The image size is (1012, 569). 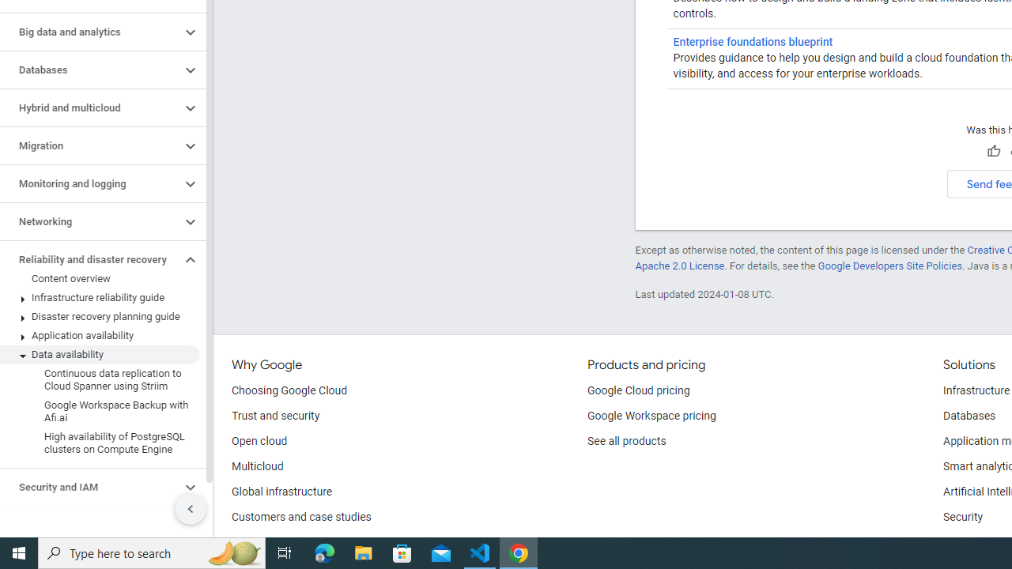 What do you see at coordinates (992, 152) in the screenshot?
I see `'Helpful'` at bounding box center [992, 152].